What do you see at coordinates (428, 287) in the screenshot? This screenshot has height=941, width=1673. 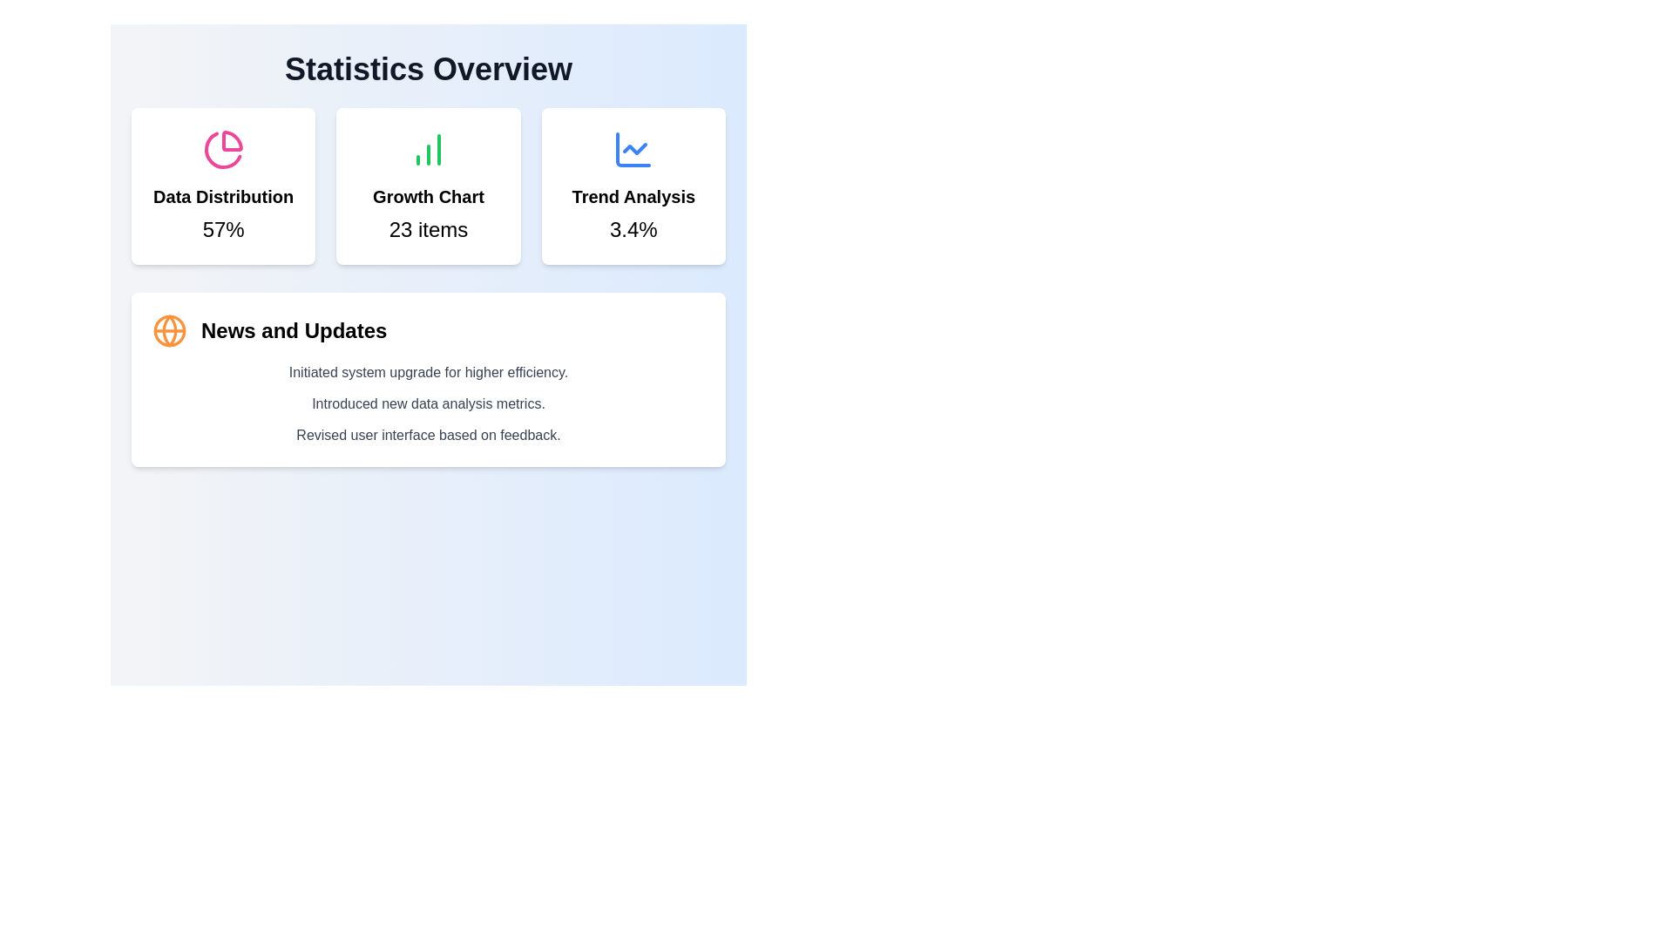 I see `the Informational panel, which is a section with a white background, shadow effect, a bold title, and multiple lines of updates, located below the cards titled 'Data Distribution', 'Growth Chart', and 'Trend Analysis'` at bounding box center [428, 287].